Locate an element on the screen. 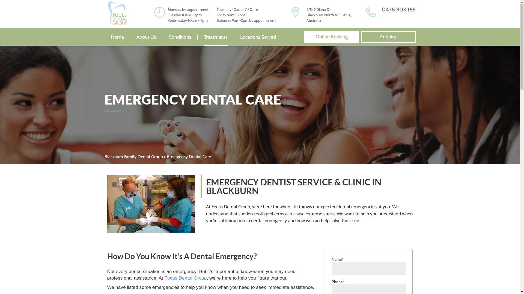 This screenshot has height=294, width=524. 'About Us' is located at coordinates (146, 37).